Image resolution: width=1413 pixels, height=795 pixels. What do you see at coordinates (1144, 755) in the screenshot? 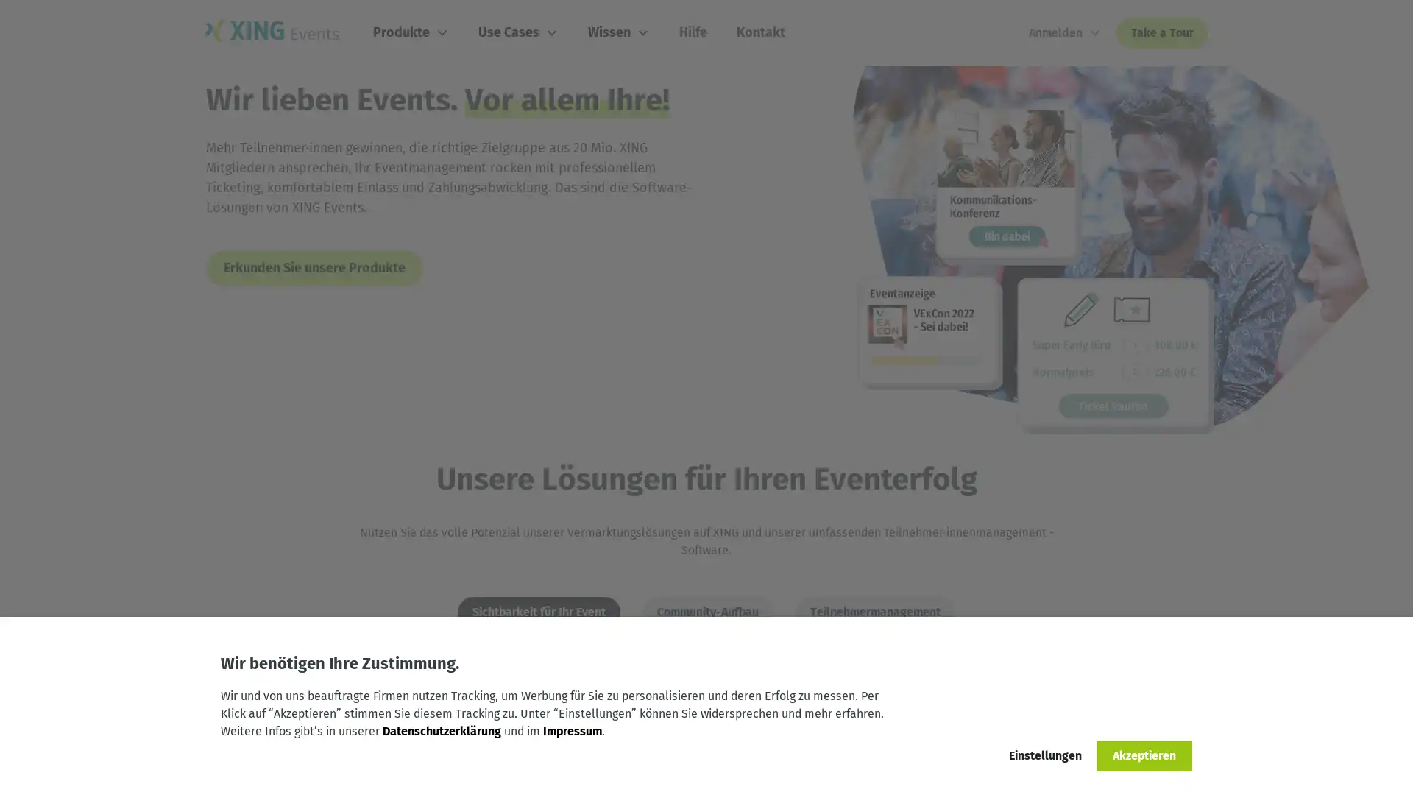
I see `Akzeptieren` at bounding box center [1144, 755].